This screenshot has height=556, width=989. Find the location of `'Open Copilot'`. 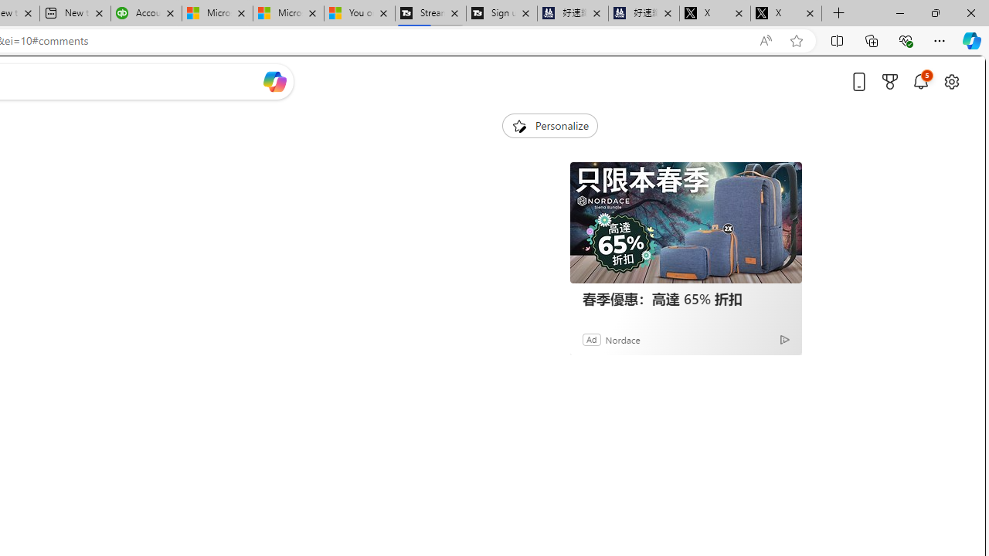

'Open Copilot' is located at coordinates (274, 81).